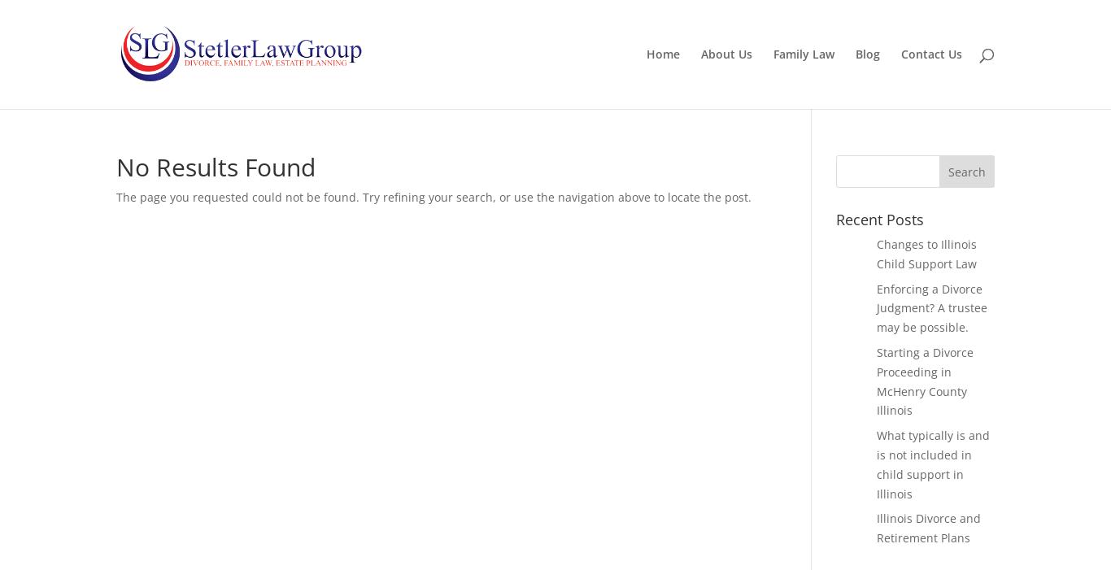 This screenshot has width=1111, height=570. Describe the element at coordinates (931, 53) in the screenshot. I see `'Contact Us'` at that location.